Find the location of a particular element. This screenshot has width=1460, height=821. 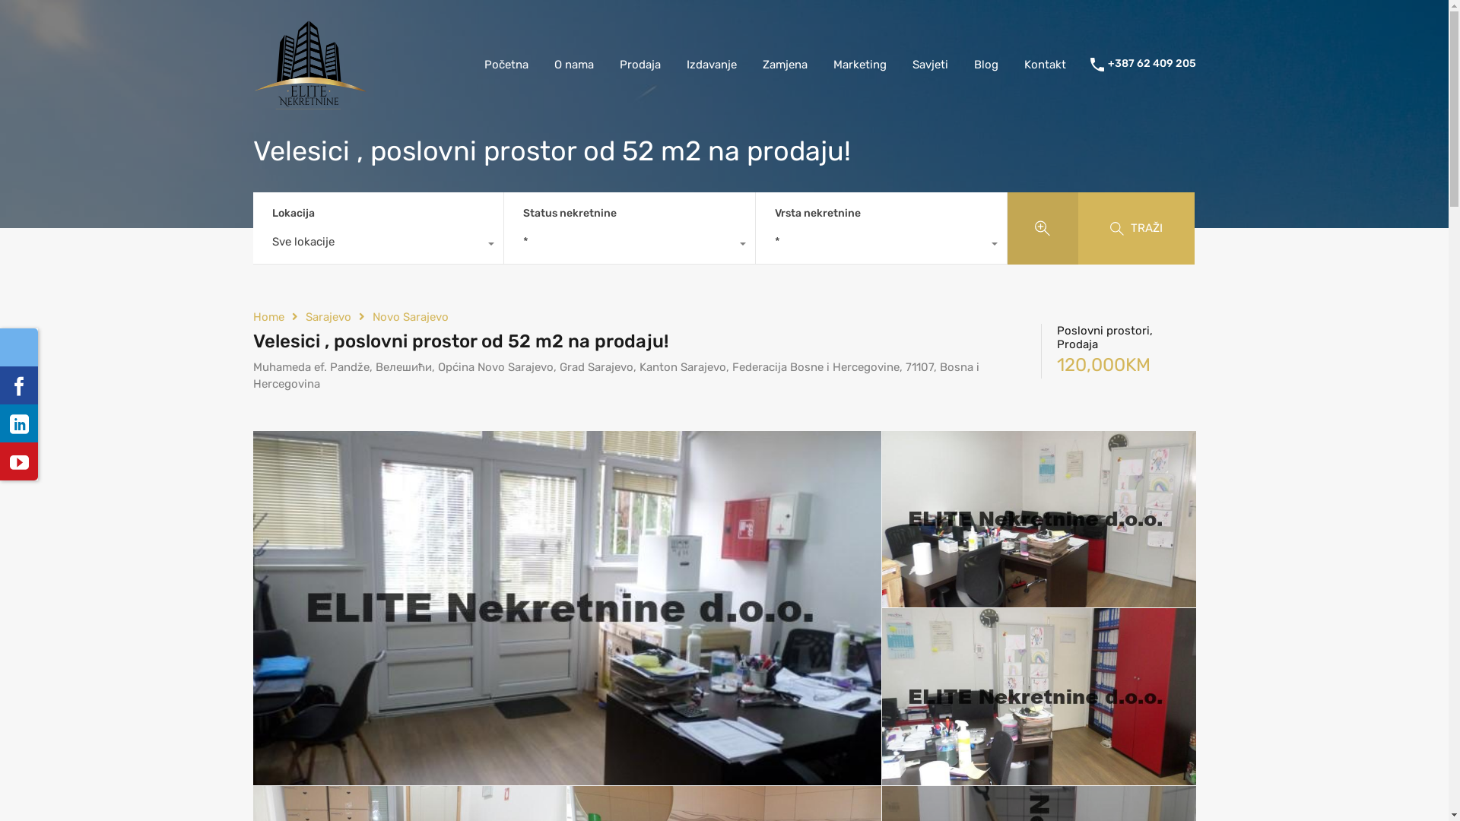

'Home' is located at coordinates (252, 315).